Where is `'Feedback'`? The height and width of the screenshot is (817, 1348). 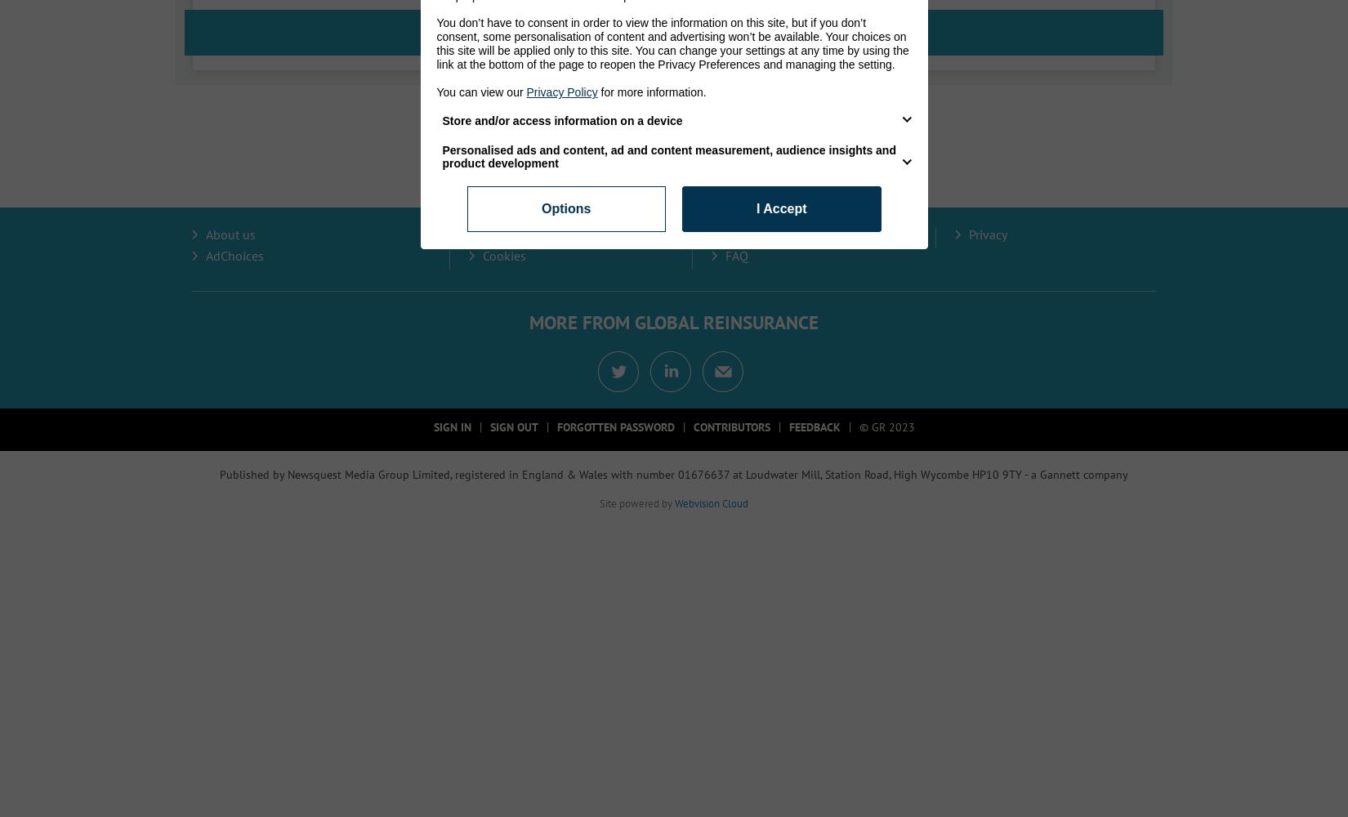 'Feedback' is located at coordinates (788, 427).